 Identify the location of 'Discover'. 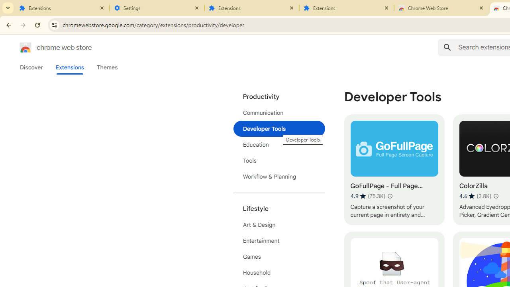
(31, 67).